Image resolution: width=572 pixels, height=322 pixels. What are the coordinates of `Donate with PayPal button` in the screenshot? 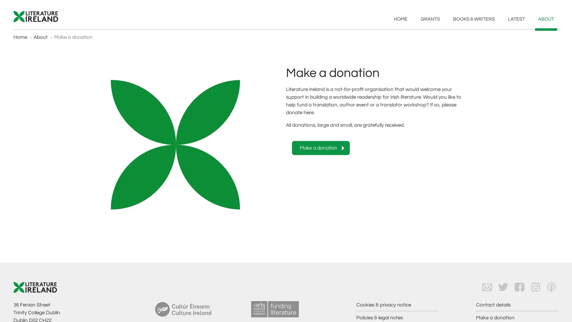 It's located at (320, 148).